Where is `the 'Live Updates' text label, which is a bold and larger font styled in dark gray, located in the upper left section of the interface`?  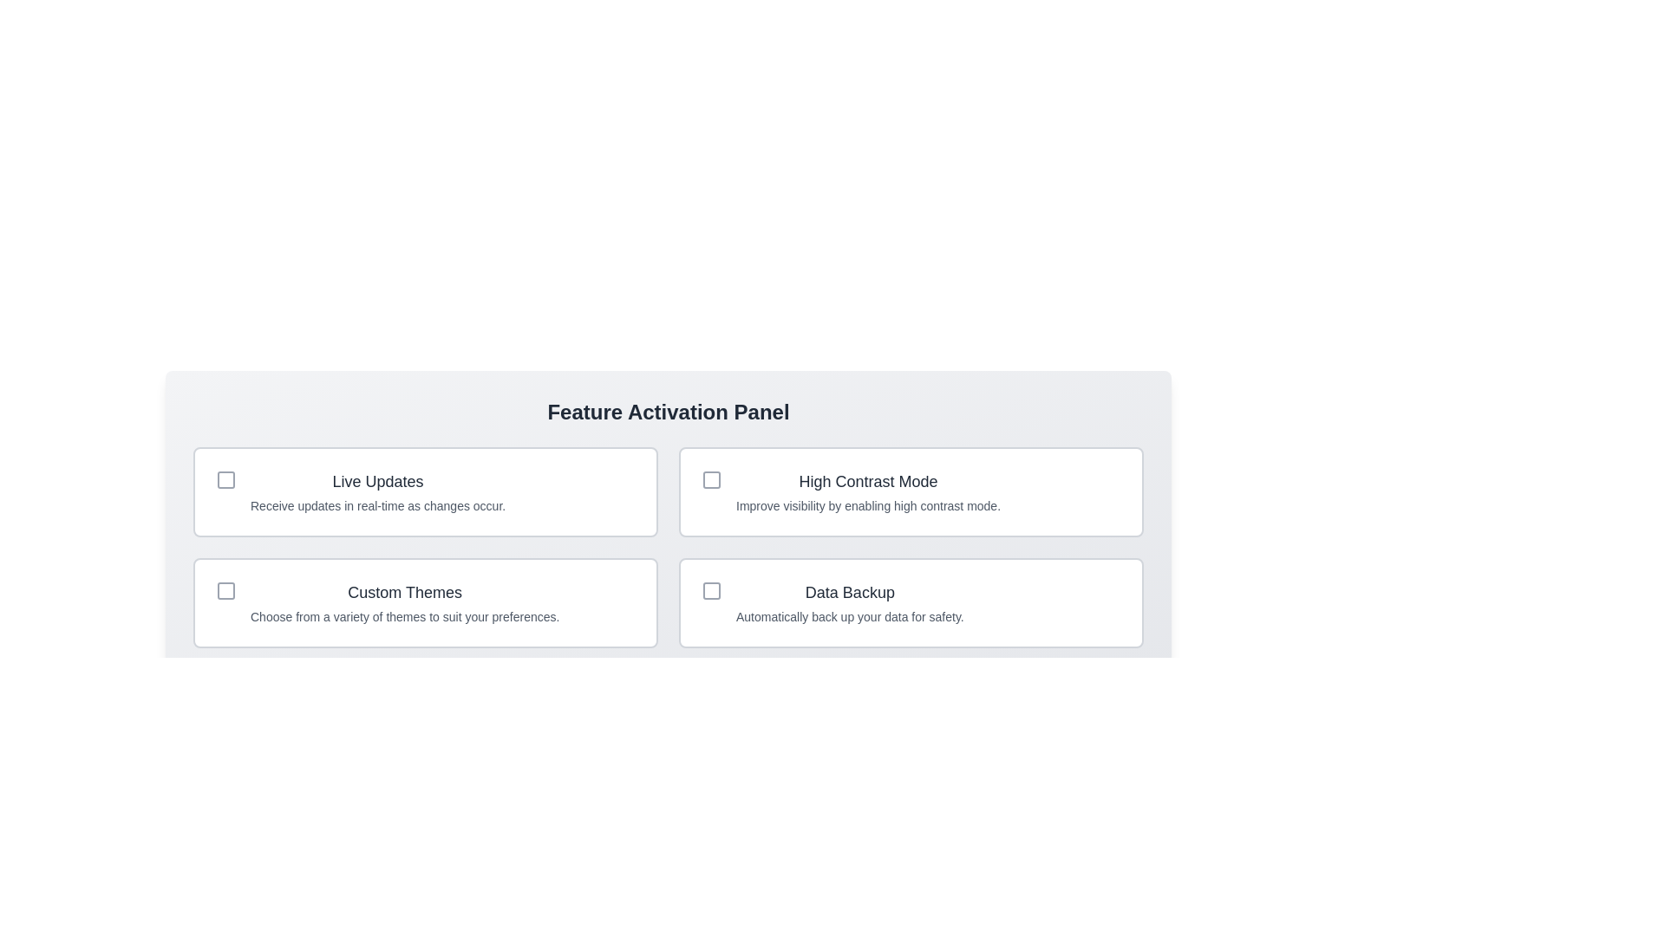 the 'Live Updates' text label, which is a bold and larger font styled in dark gray, located in the upper left section of the interface is located at coordinates (377, 481).